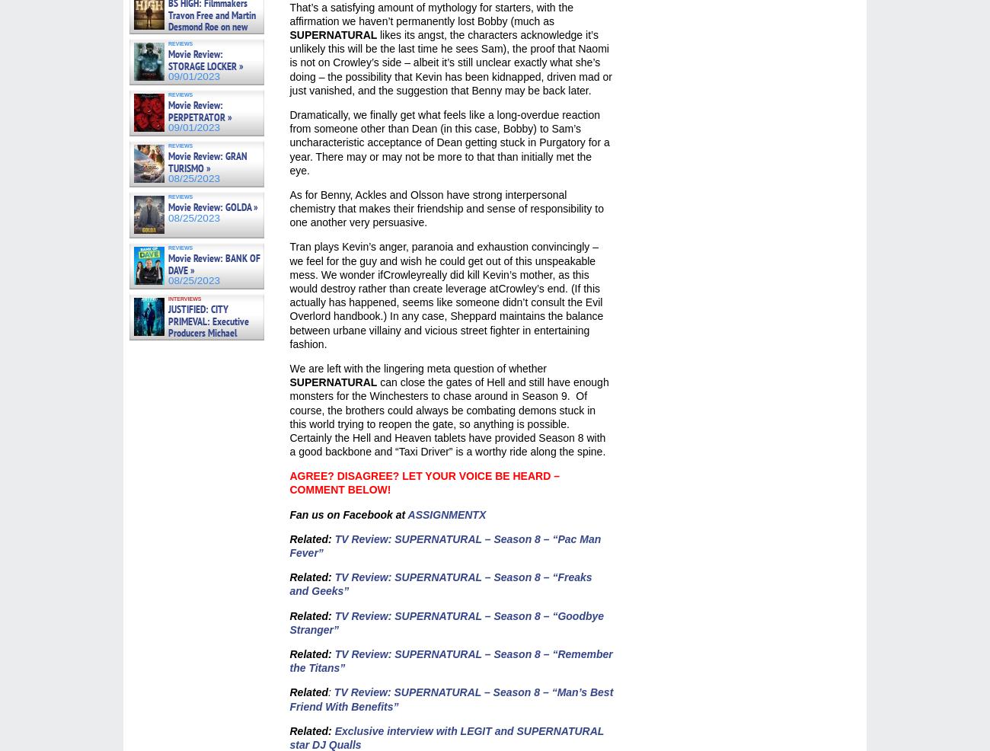  Describe the element at coordinates (157, 8) in the screenshot. I see `'09/05/2023'` at that location.